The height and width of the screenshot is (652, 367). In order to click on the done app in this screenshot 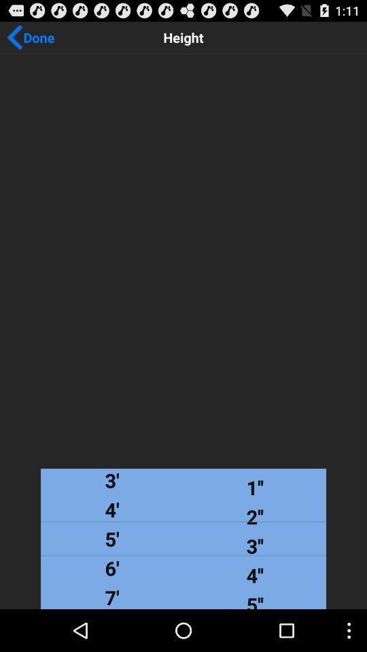, I will do `click(30, 37)`.